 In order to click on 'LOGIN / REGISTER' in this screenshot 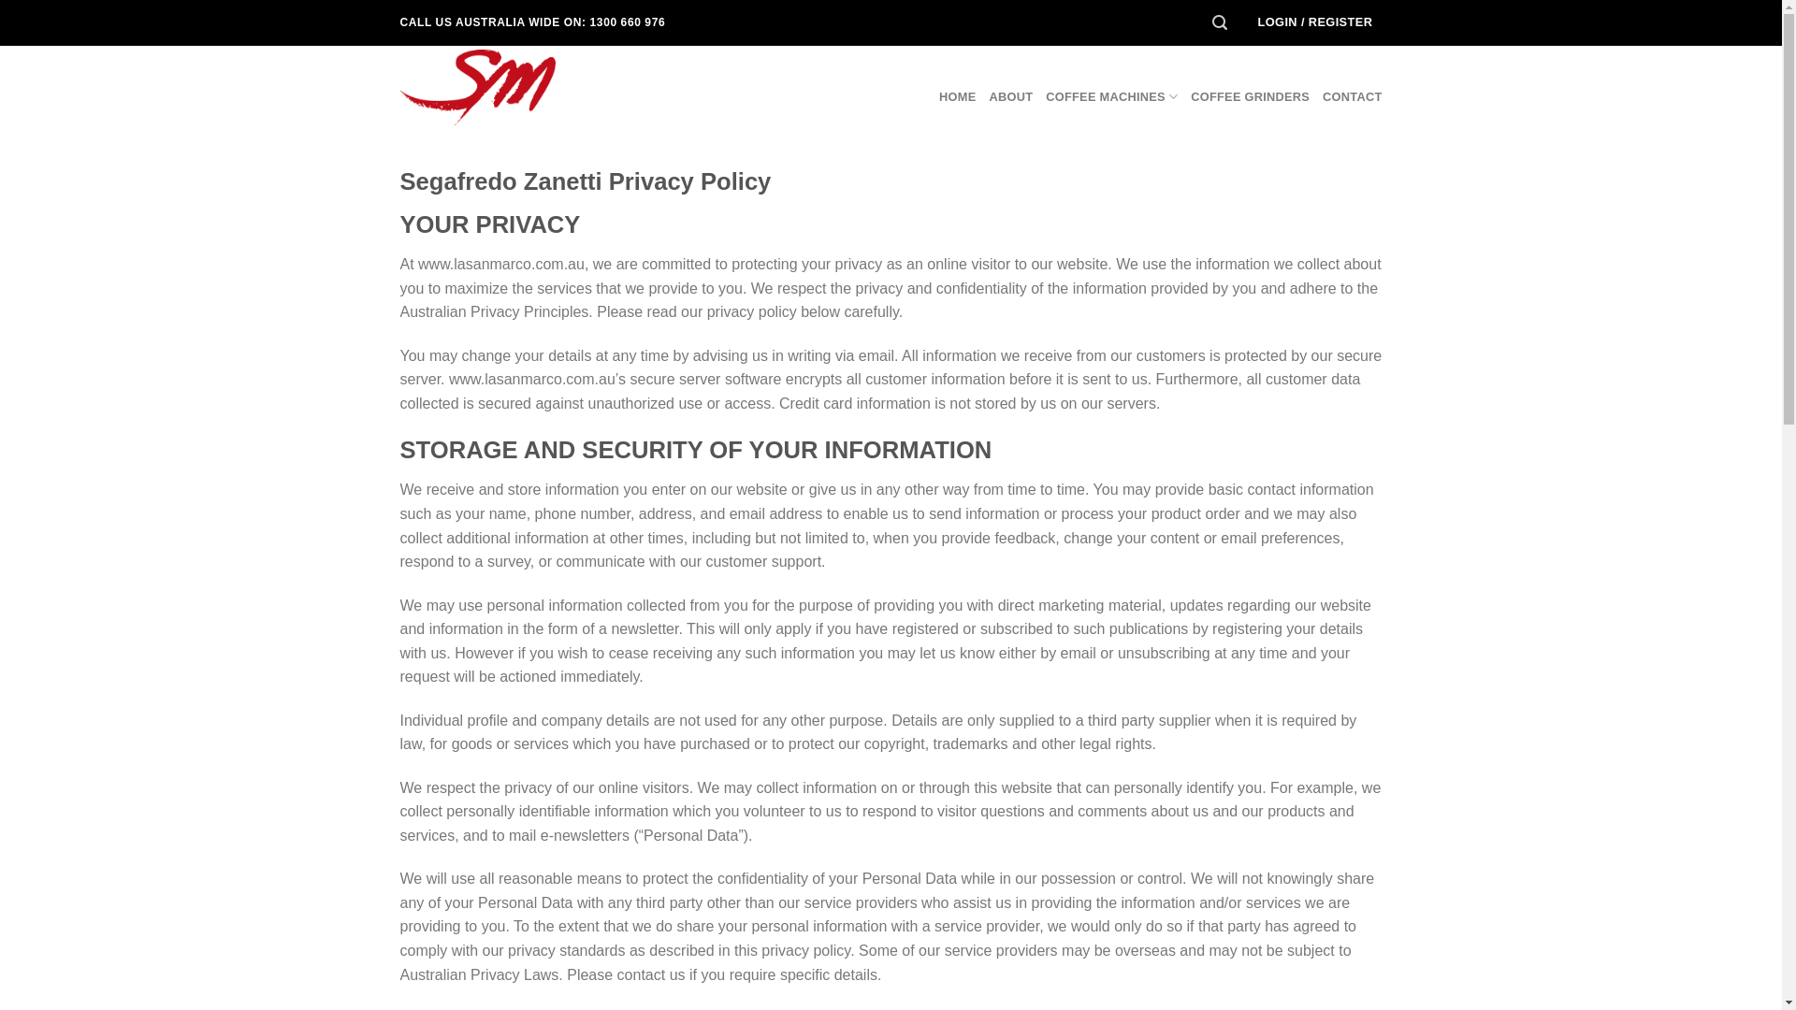, I will do `click(1314, 22)`.